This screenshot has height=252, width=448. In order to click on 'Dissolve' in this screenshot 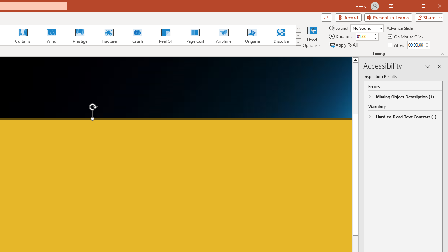, I will do `click(281, 35)`.